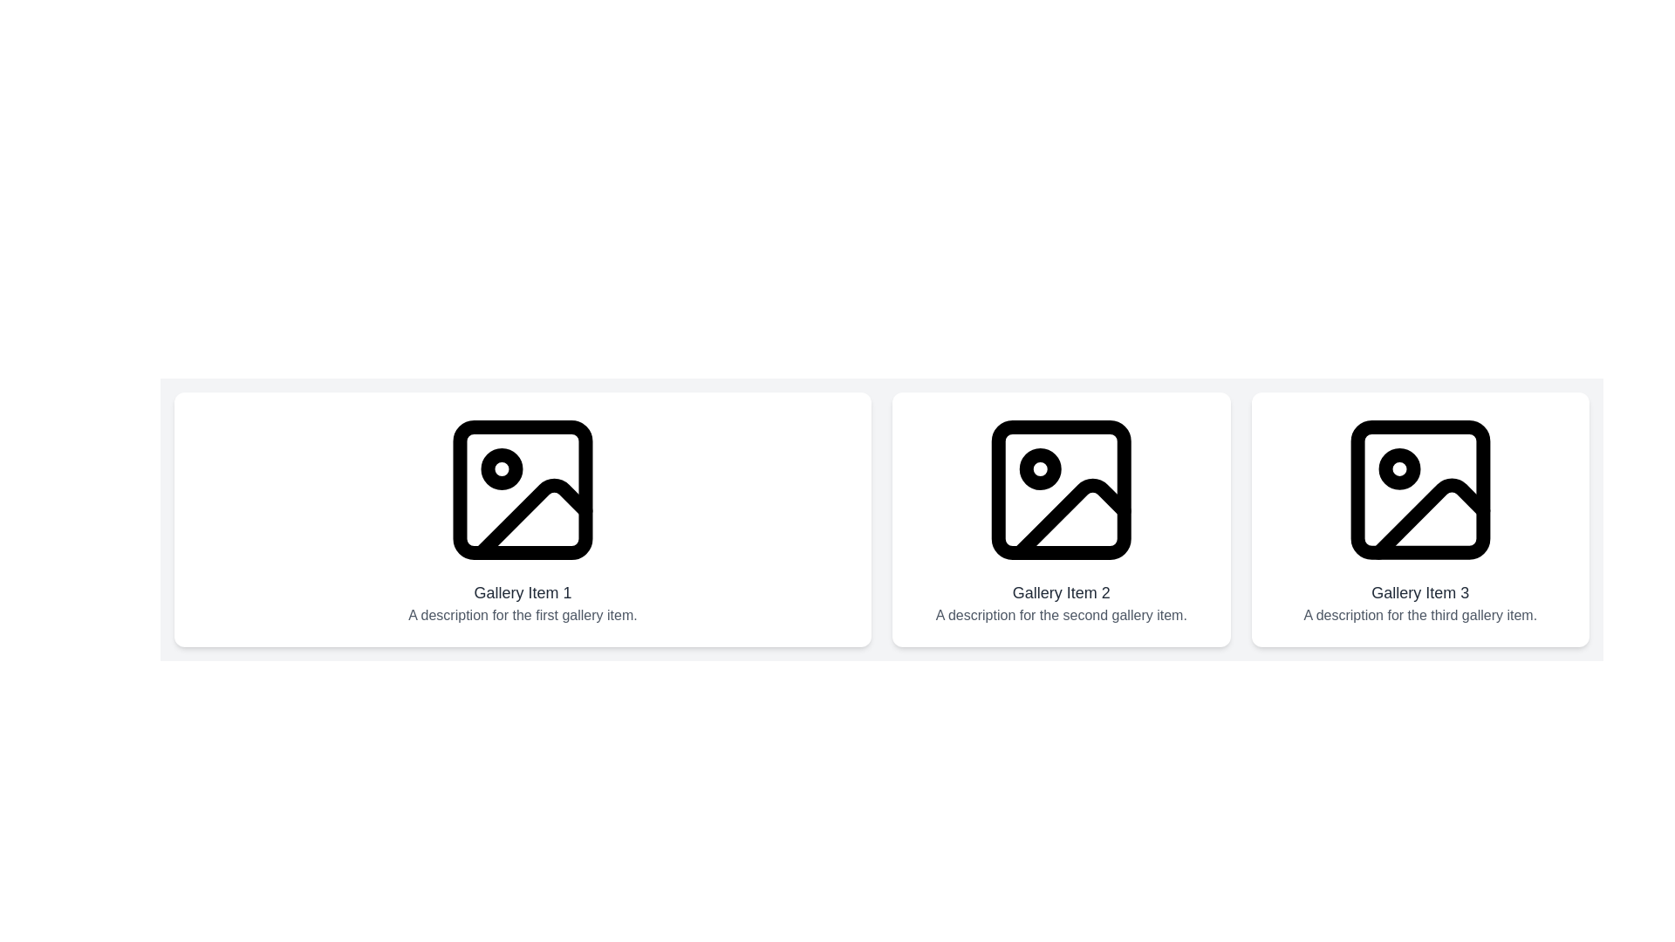 The image size is (1675, 942). I want to click on the graphical indicator or decorative dot located inside the image placeholder of the second gallery item, aligned near the top-left corner of the gallery image frame, so click(1040, 468).